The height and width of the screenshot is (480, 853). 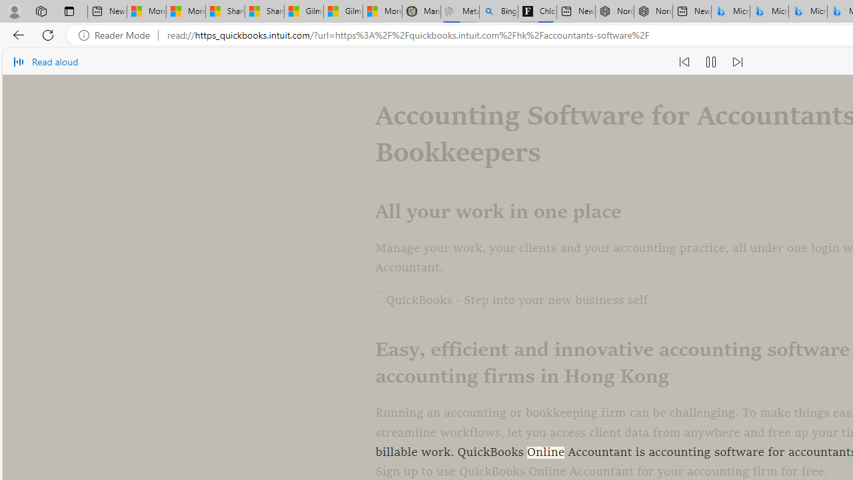 What do you see at coordinates (537, 11) in the screenshot?
I see `'Chloe Sorvino'` at bounding box center [537, 11].